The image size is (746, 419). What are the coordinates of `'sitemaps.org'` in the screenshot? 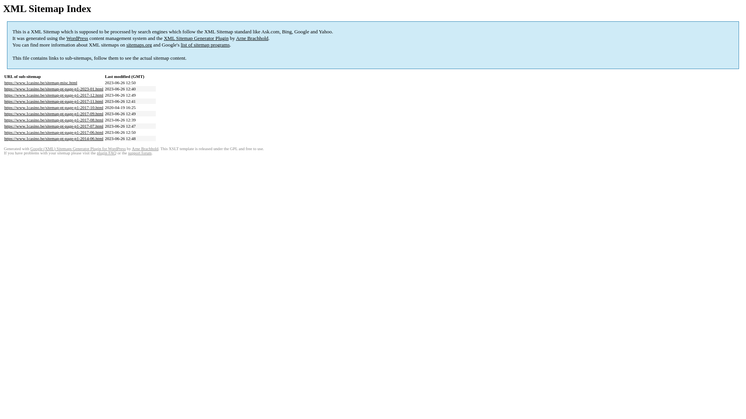 It's located at (139, 45).